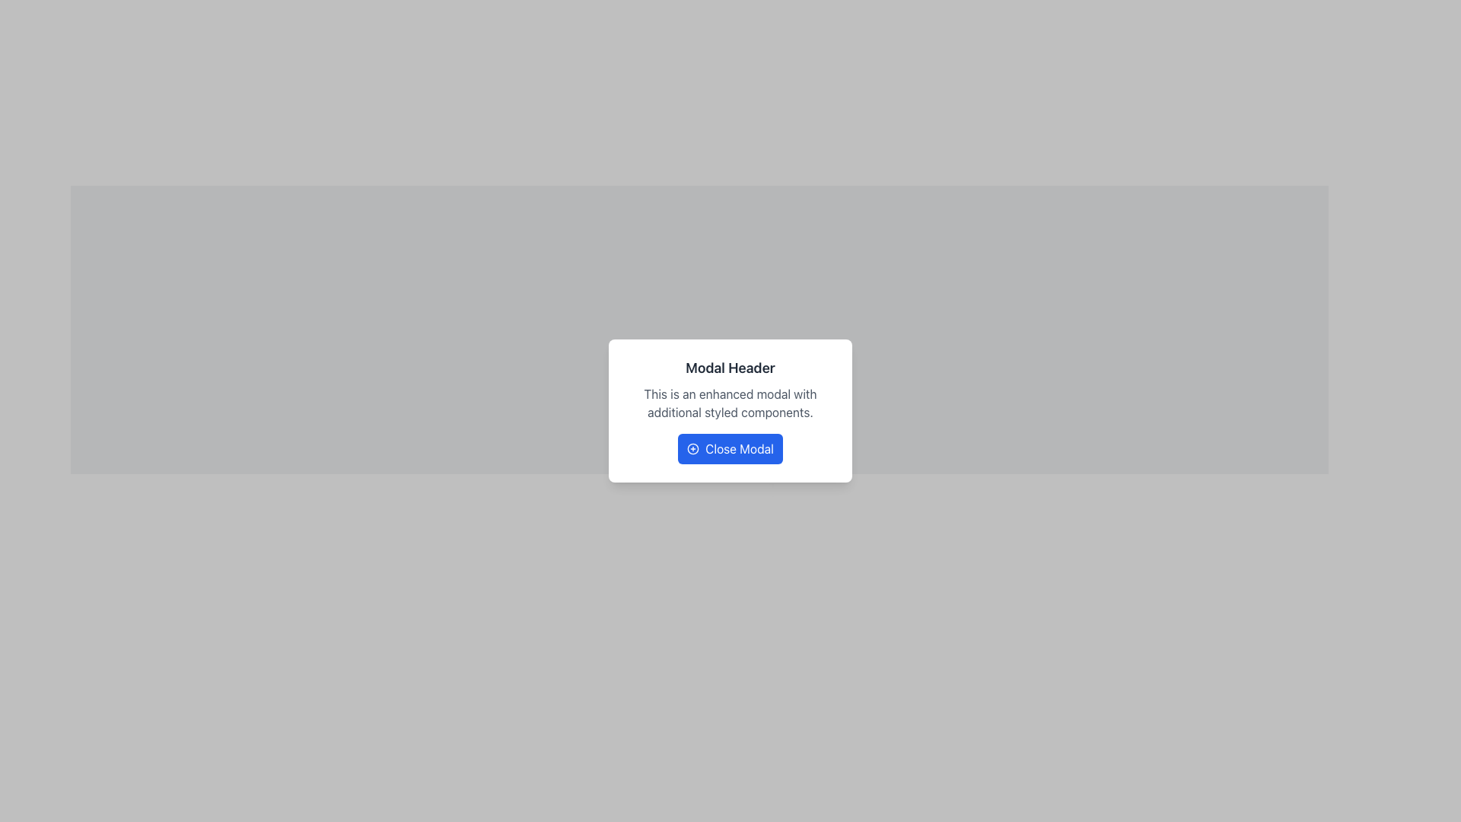 The width and height of the screenshot is (1461, 822). I want to click on the static text block that provides descriptive information within the modal, located below the heading 'Modal Header' and above the 'Close Modal' button, so click(730, 402).